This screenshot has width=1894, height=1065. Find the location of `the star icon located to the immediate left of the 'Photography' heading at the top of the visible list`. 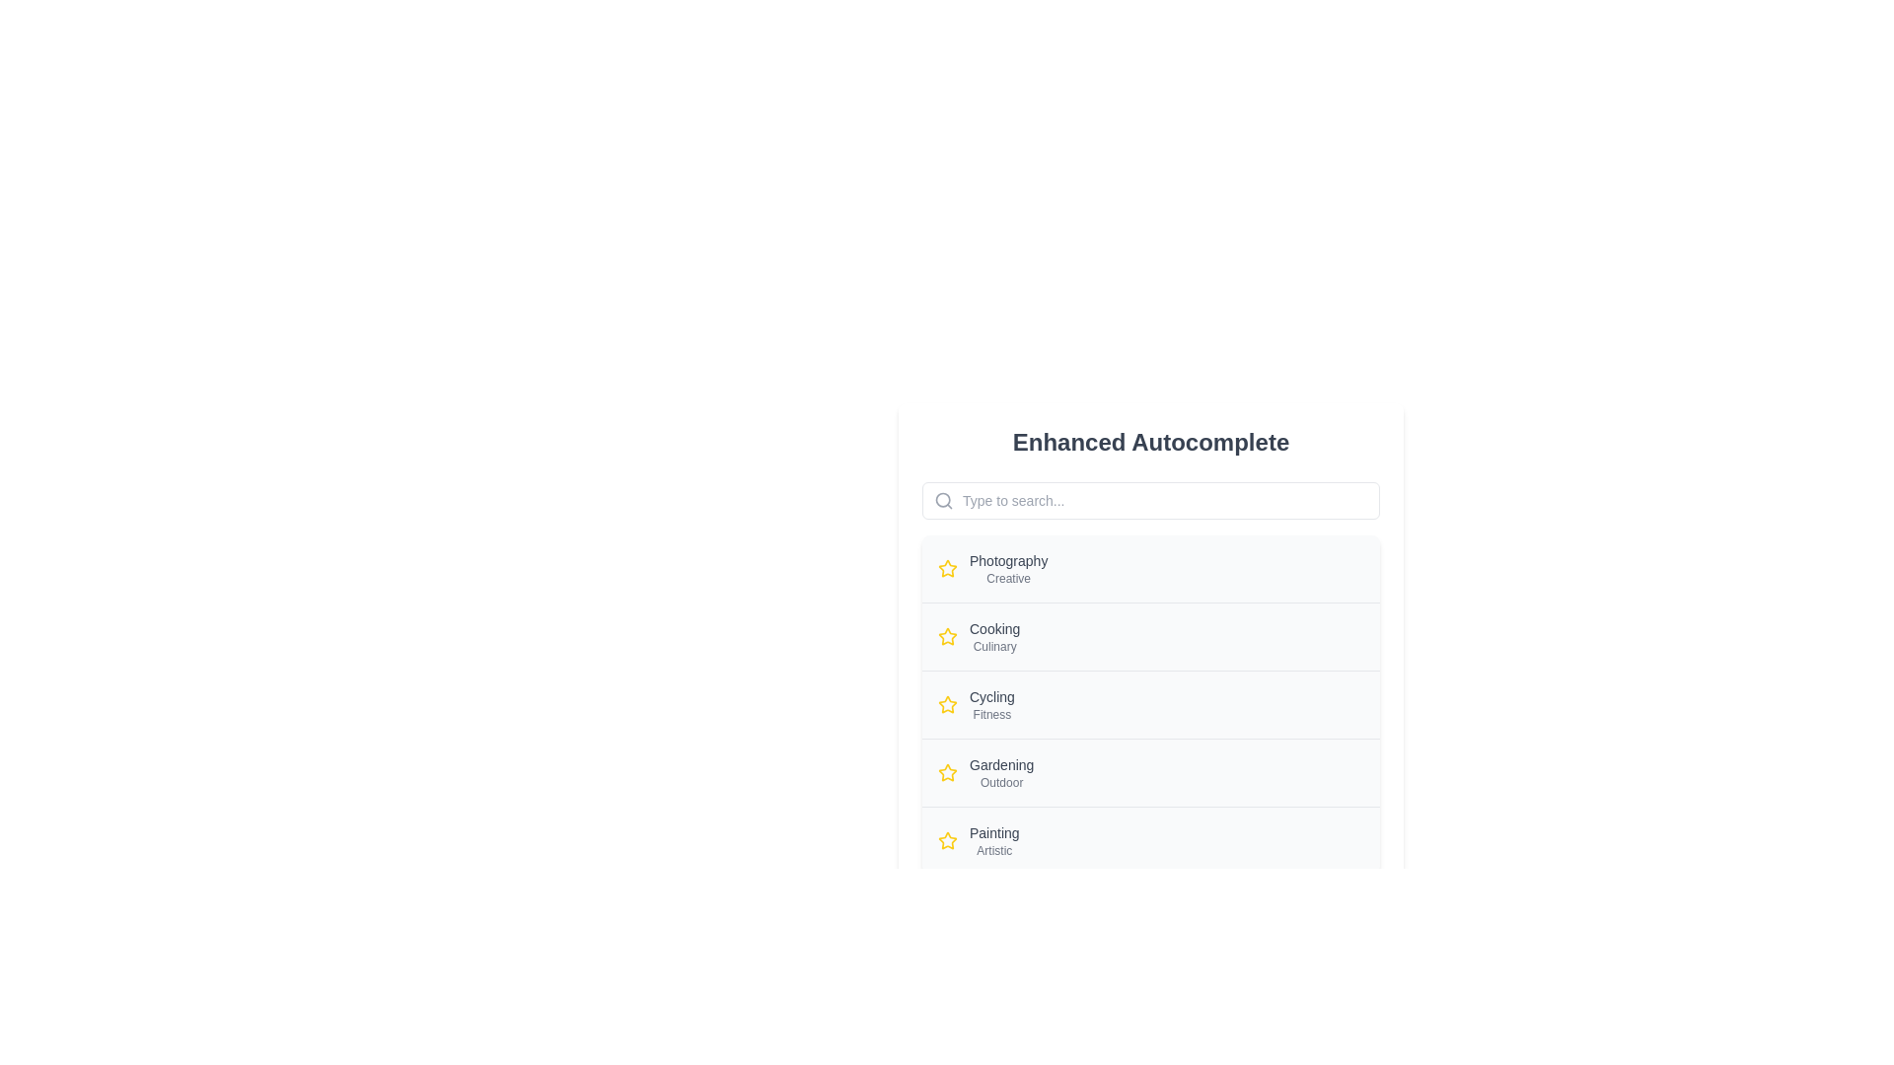

the star icon located to the immediate left of the 'Photography' heading at the top of the visible list is located at coordinates (947, 569).